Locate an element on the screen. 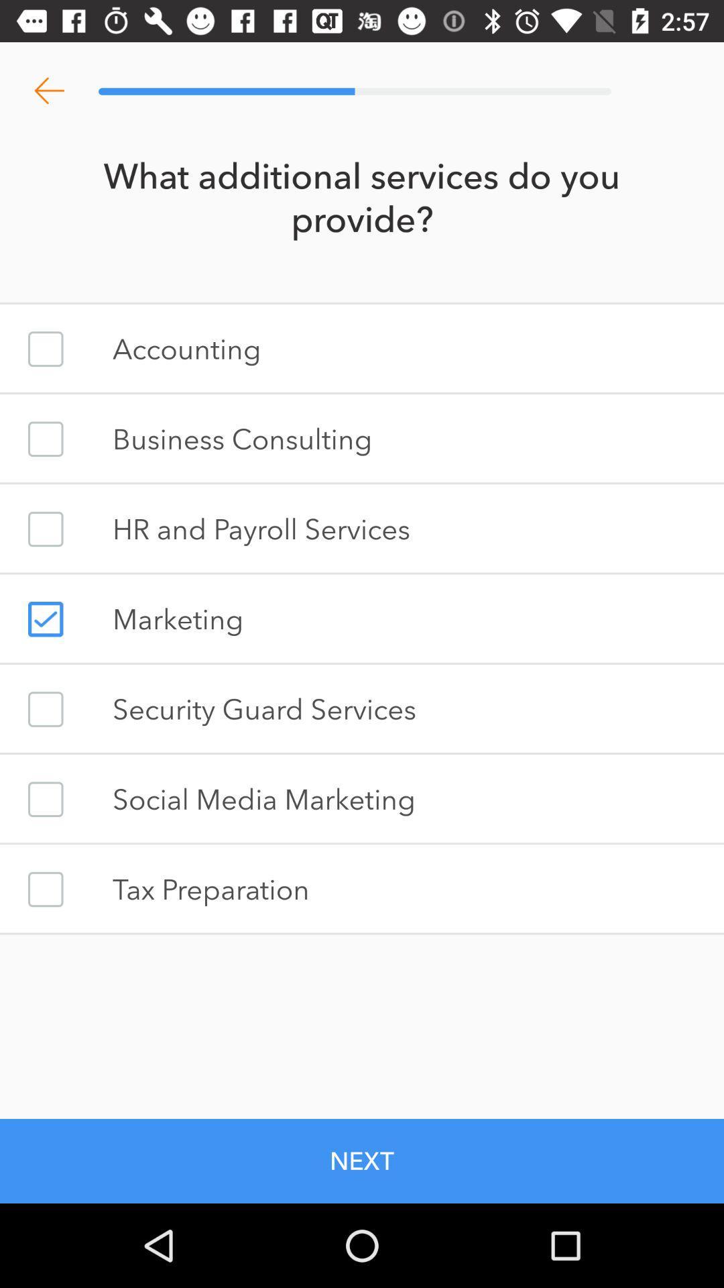 This screenshot has width=724, height=1288. marketing is located at coordinates (45, 619).